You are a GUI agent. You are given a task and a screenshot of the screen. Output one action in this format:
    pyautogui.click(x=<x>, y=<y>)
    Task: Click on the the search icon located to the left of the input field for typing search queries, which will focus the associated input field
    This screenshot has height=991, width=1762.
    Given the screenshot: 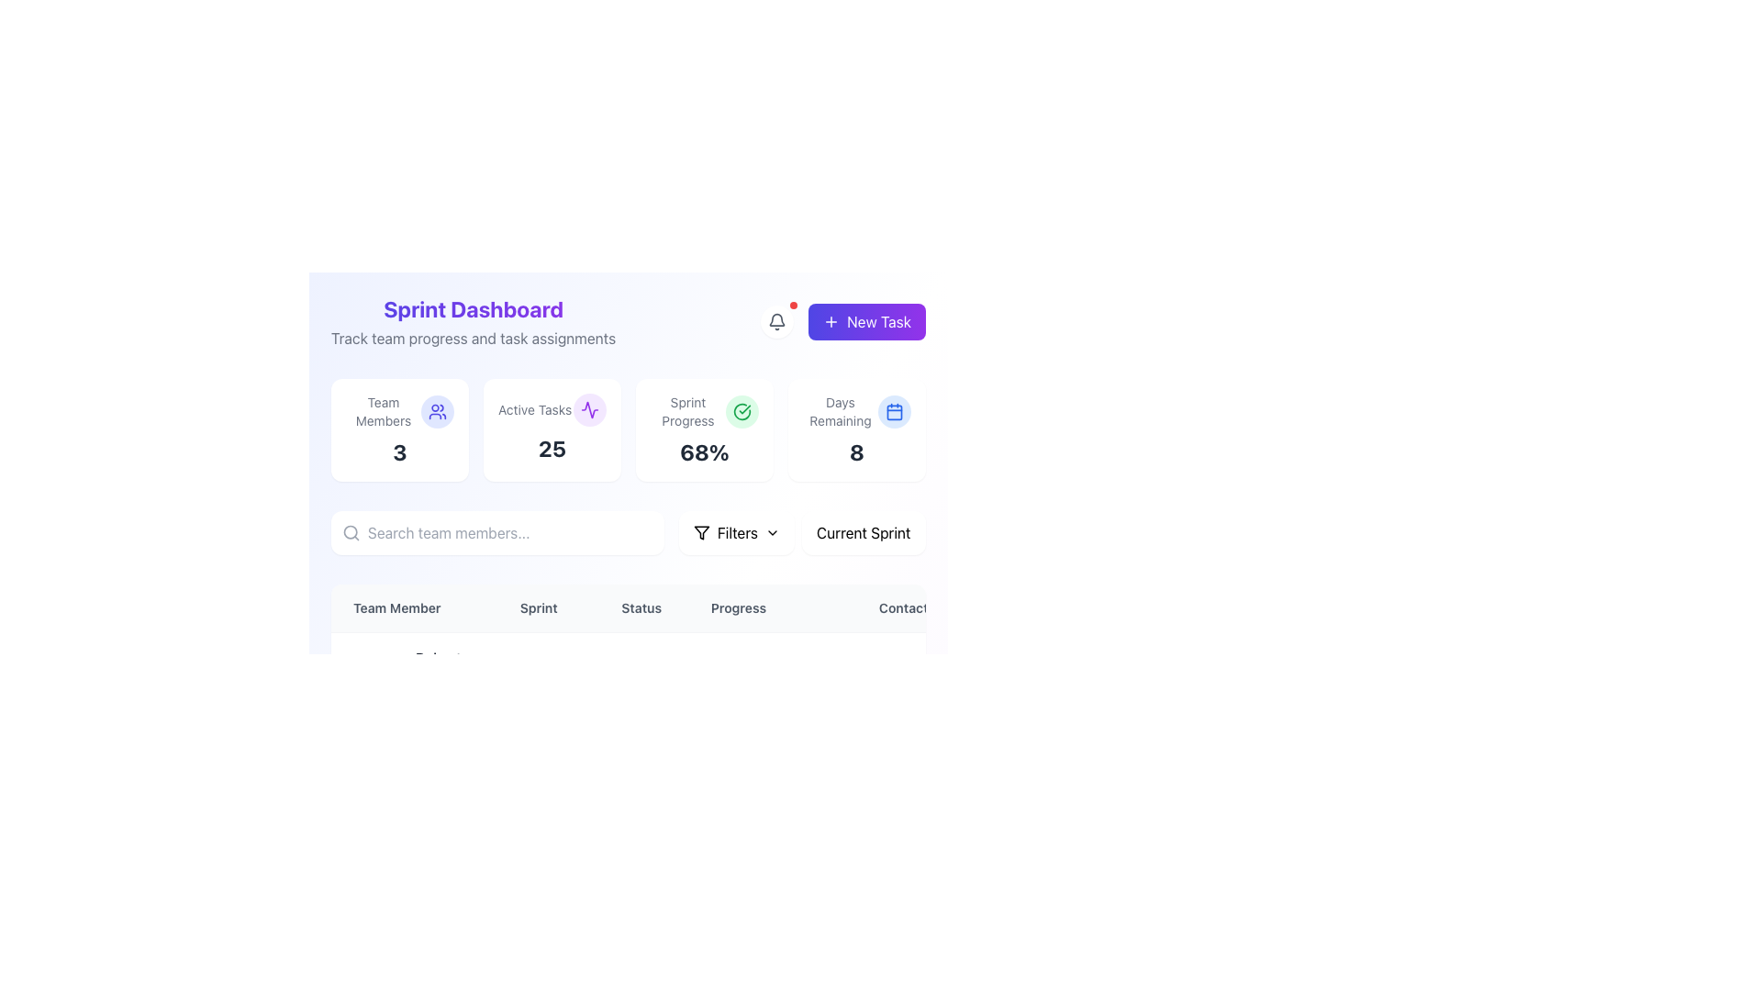 What is the action you would take?
    pyautogui.click(x=351, y=533)
    